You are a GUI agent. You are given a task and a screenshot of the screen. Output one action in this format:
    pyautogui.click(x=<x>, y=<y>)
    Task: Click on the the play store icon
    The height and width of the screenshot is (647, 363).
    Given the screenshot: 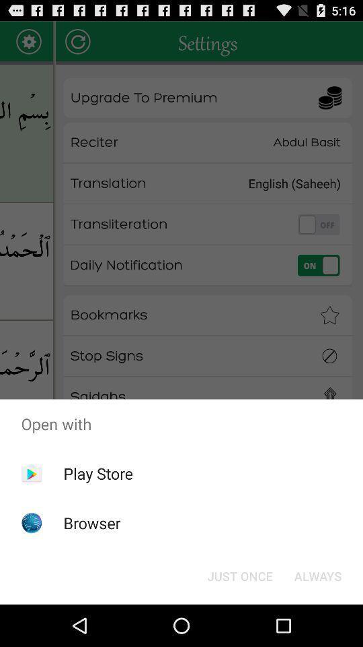 What is the action you would take?
    pyautogui.click(x=97, y=473)
    